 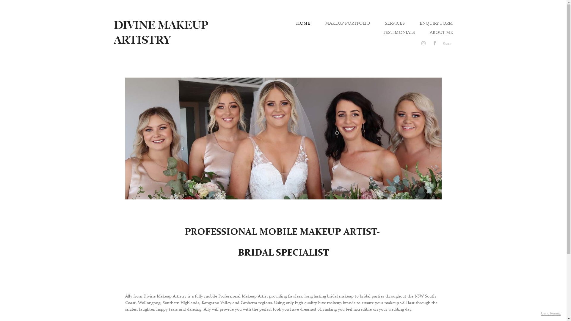 I want to click on 'MAKEUP PORTFOLIO', so click(x=347, y=23).